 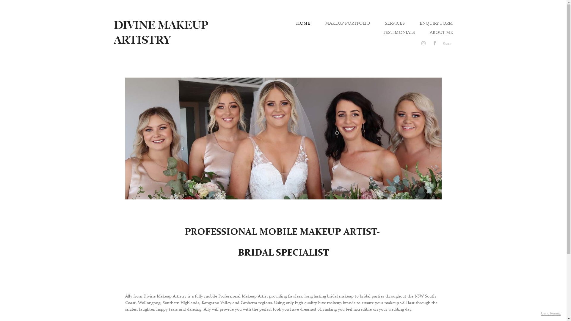 I want to click on 'MAKEUP PORTFOLIO', so click(x=347, y=23).